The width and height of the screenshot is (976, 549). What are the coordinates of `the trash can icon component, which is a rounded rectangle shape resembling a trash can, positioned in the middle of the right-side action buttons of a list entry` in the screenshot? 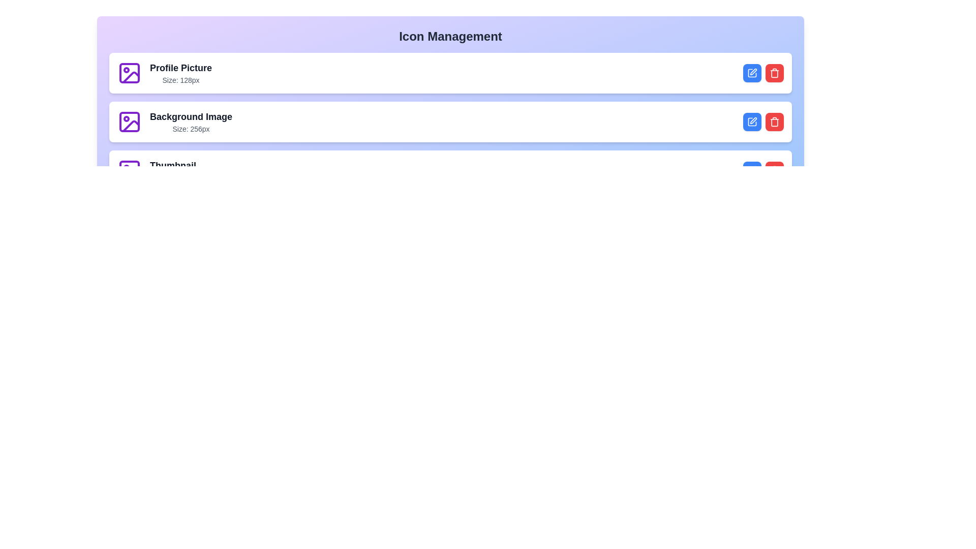 It's located at (774, 122).